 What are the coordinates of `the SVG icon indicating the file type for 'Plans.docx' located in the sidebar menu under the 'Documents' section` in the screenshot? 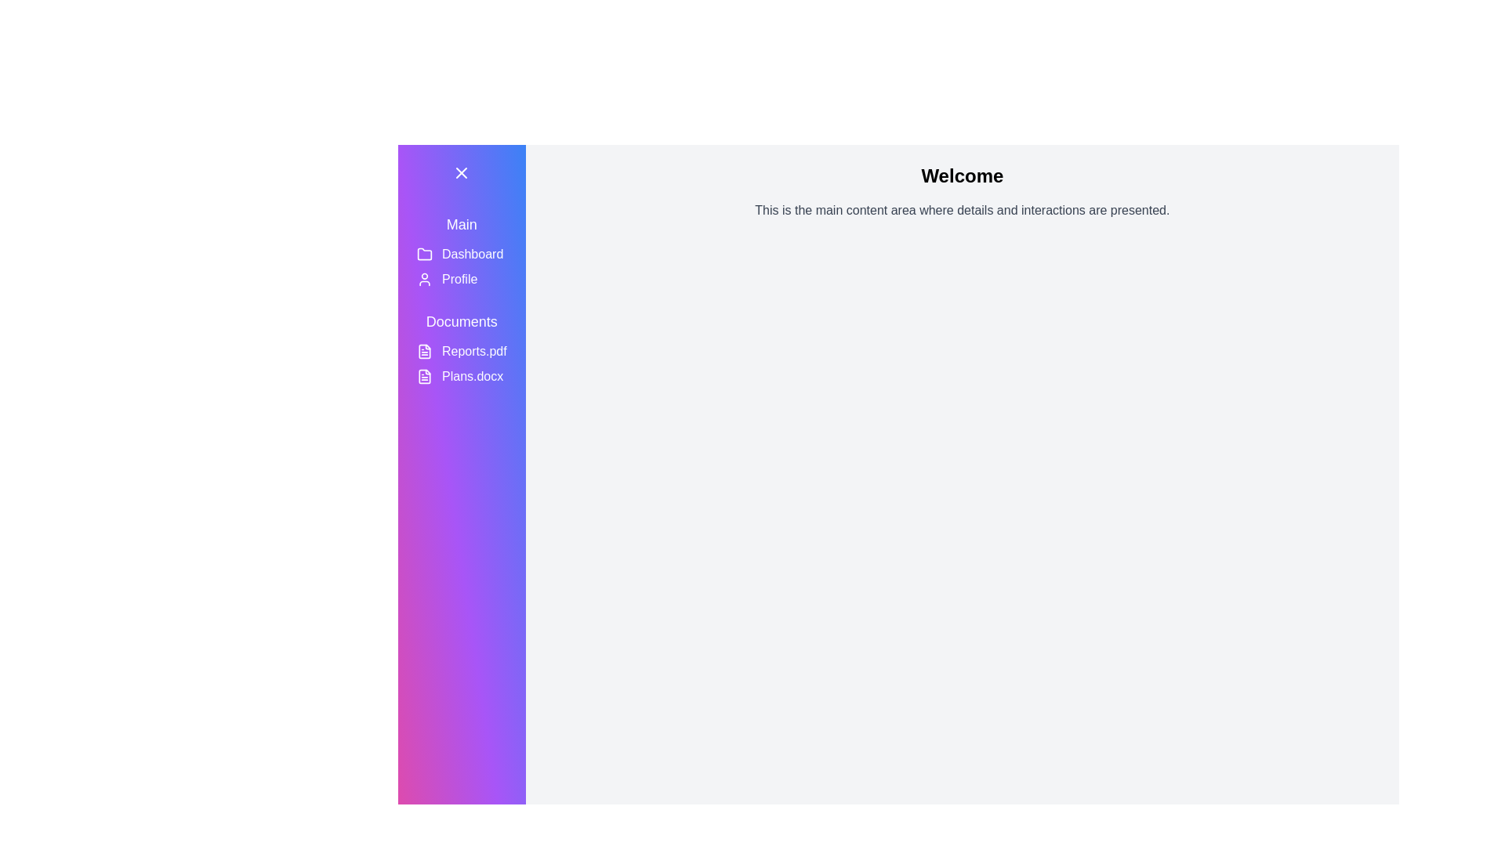 It's located at (425, 377).